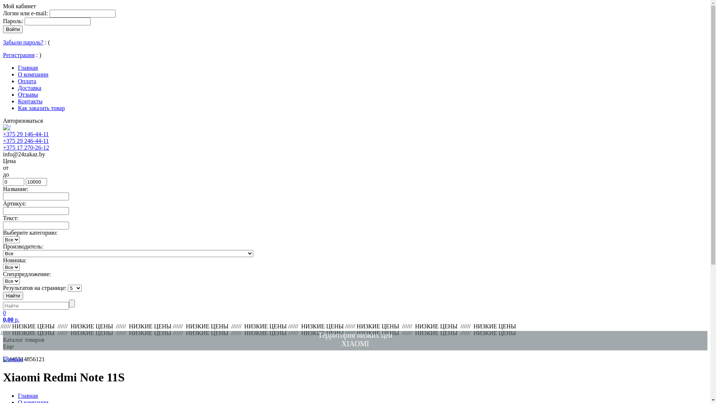  Describe the element at coordinates (3, 147) in the screenshot. I see `'+375 17 270-26-12'` at that location.